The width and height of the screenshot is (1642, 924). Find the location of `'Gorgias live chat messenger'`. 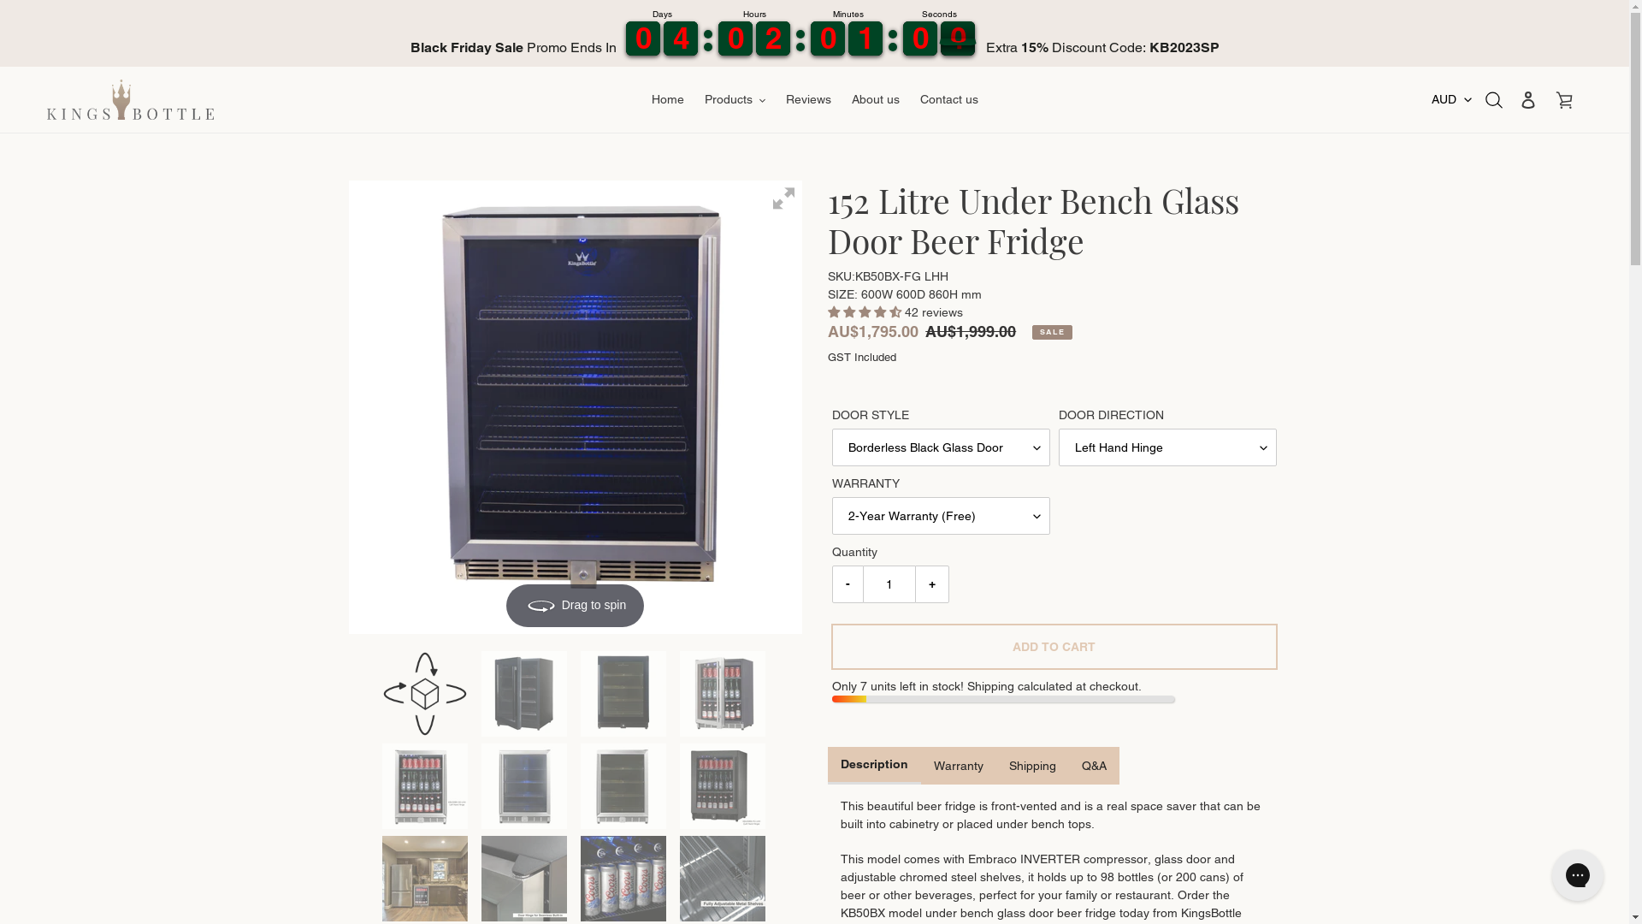

'Gorgias live chat messenger' is located at coordinates (1576, 874).